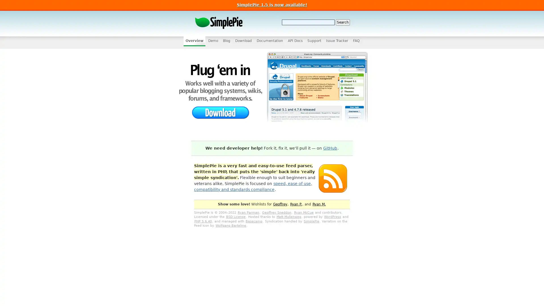 This screenshot has width=544, height=306. I want to click on Search, so click(342, 22).